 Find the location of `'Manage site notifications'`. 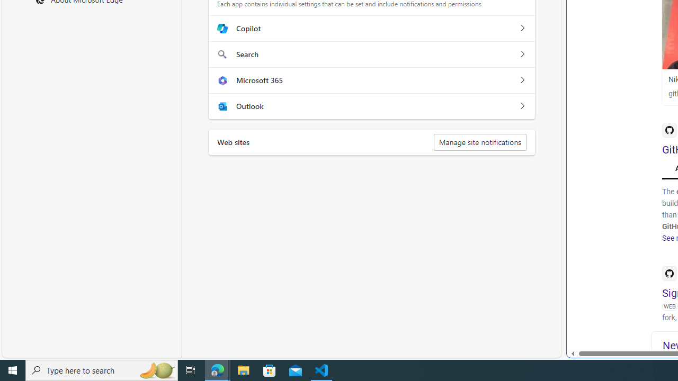

'Manage site notifications' is located at coordinates (479, 141).